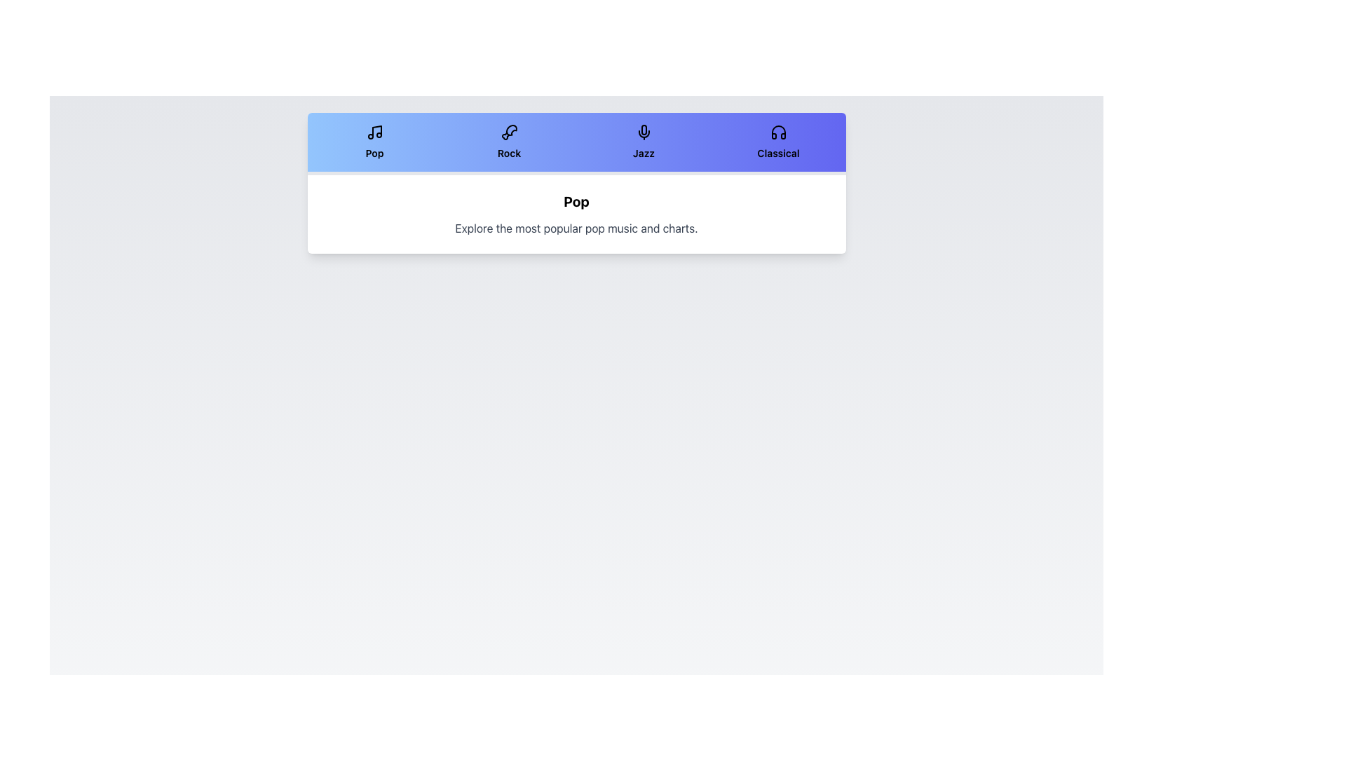 The image size is (1346, 757). Describe the element at coordinates (508, 132) in the screenshot. I see `the drumstick icon in the navigation bar` at that location.